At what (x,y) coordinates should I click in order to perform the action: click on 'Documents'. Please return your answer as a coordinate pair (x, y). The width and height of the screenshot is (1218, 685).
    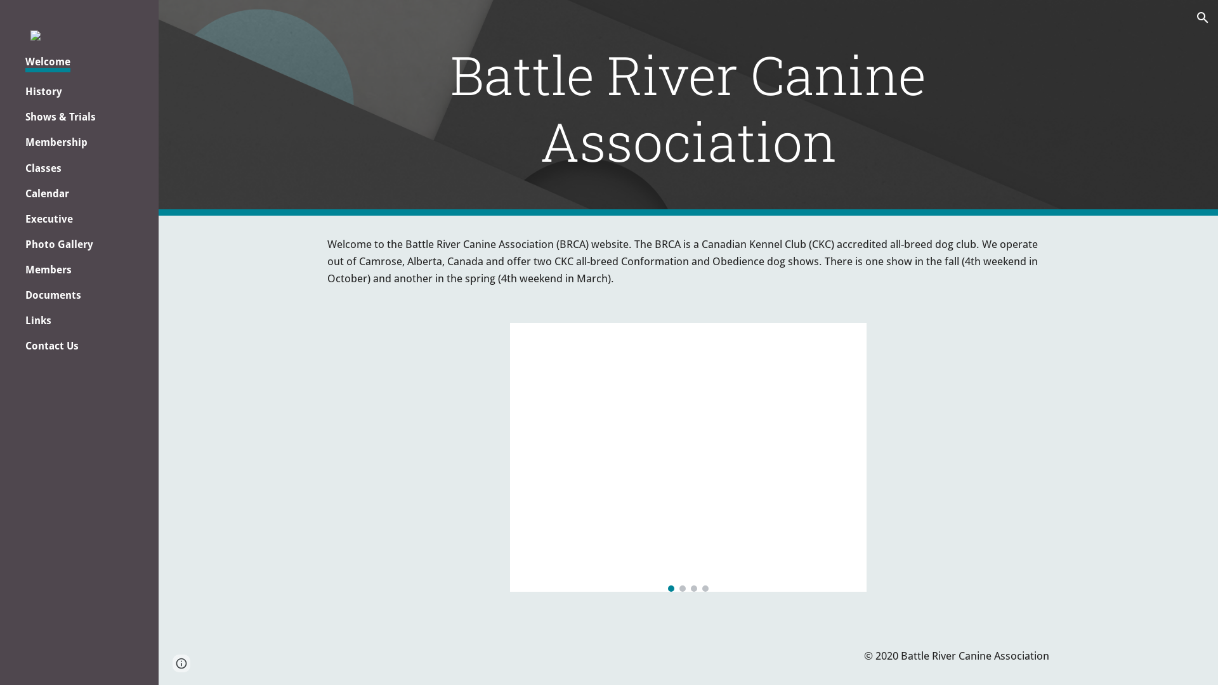
    Looking at the image, I should click on (52, 295).